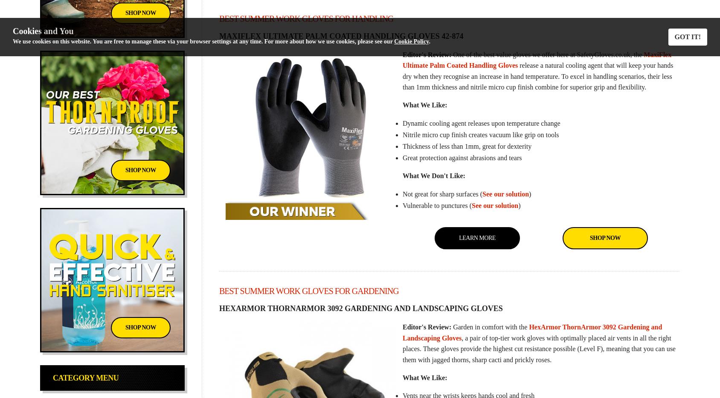 Image resolution: width=720 pixels, height=398 pixels. Describe the element at coordinates (308, 291) in the screenshot. I see `'Best Summer Work Gloves for Gardening'` at that location.